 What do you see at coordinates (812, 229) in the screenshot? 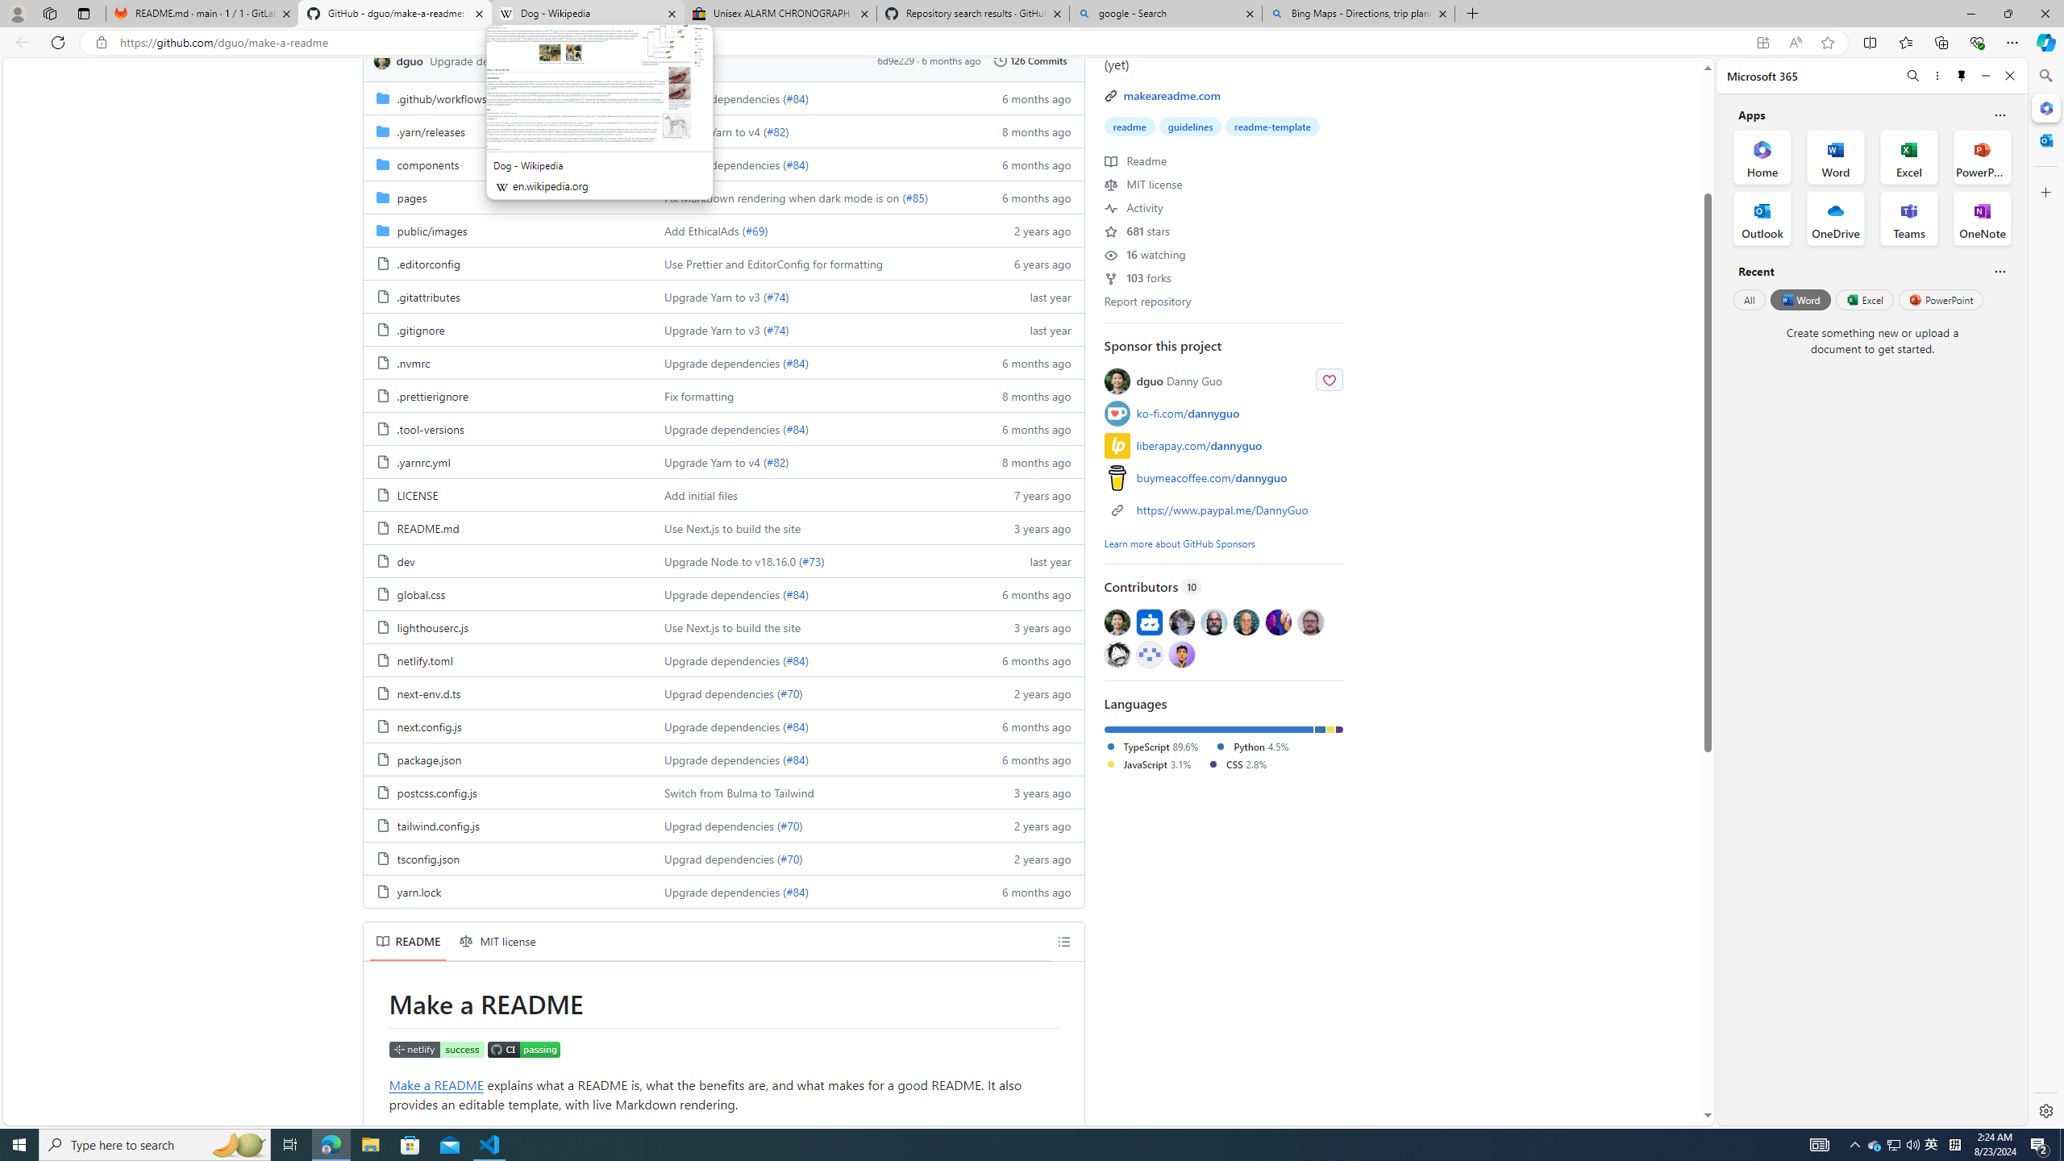
I see `'Add EthicalAds (#69)'` at bounding box center [812, 229].